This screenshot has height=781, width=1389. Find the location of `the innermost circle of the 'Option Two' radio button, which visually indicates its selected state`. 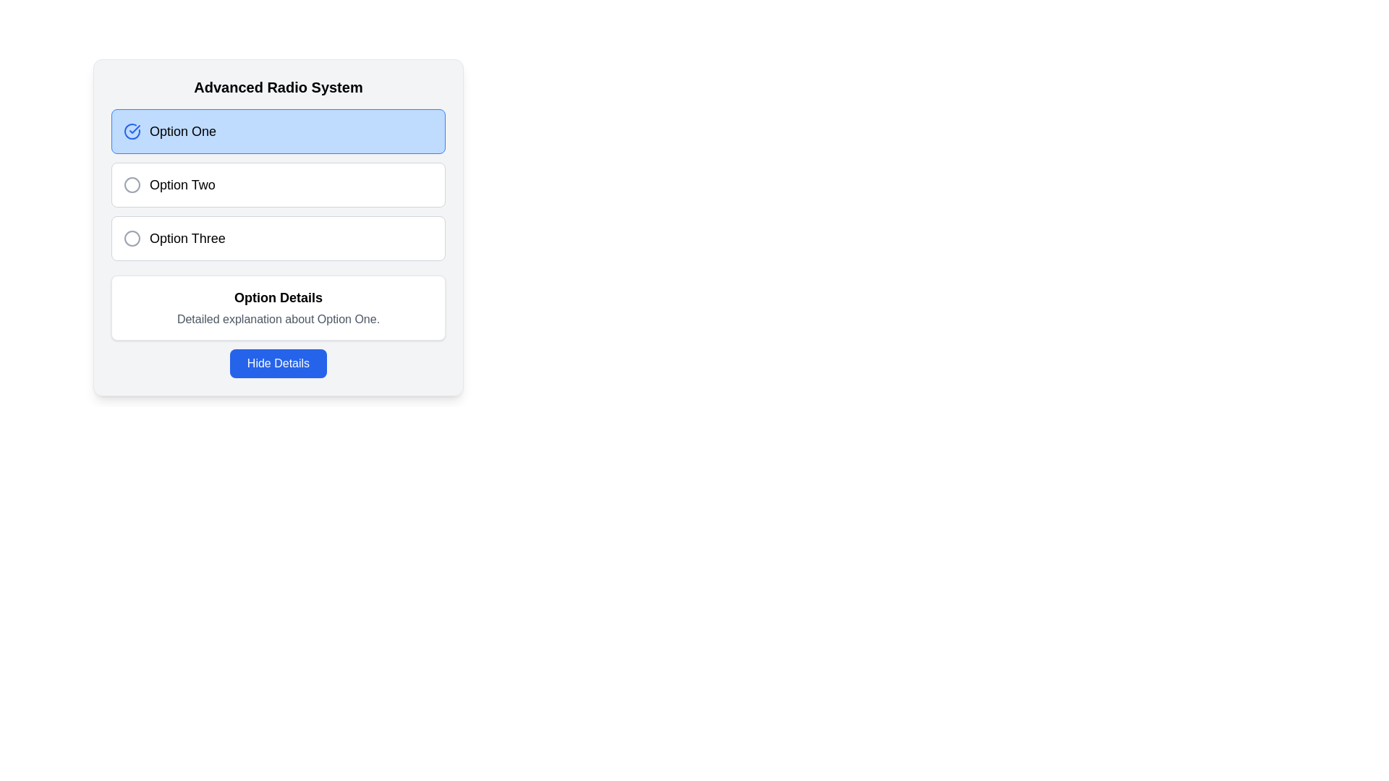

the innermost circle of the 'Option Two' radio button, which visually indicates its selected state is located at coordinates (132, 184).